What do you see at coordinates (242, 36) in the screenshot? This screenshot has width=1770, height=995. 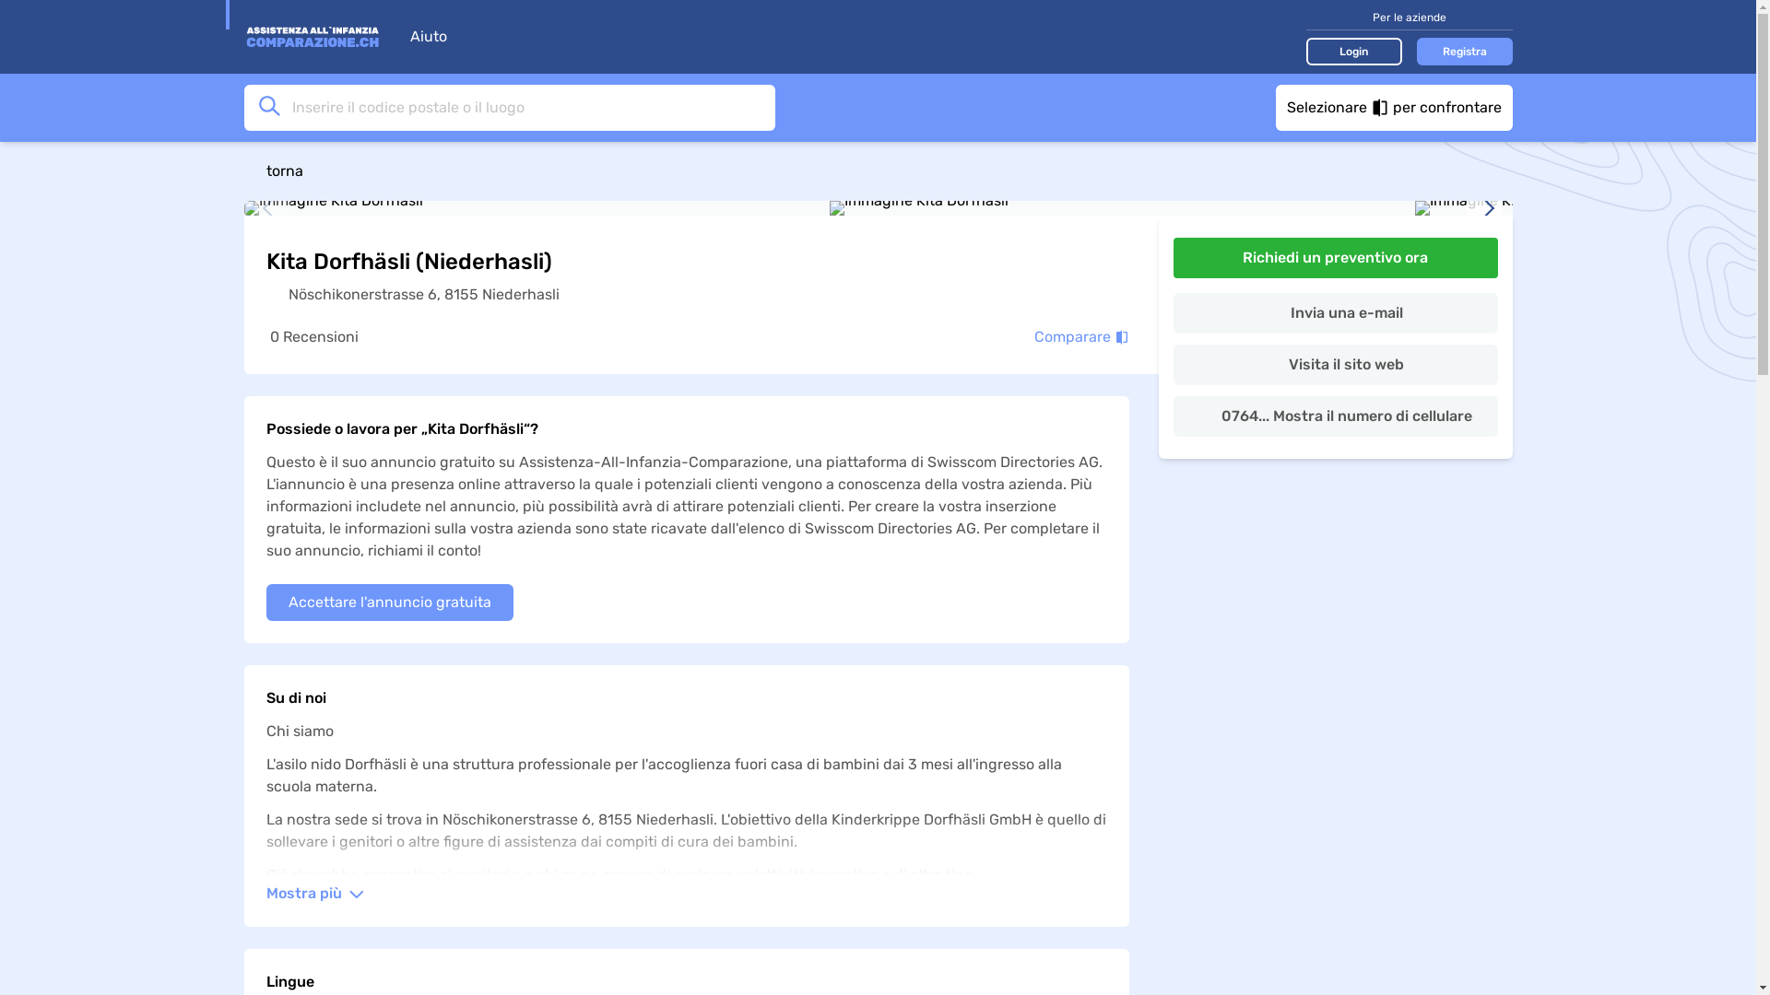 I see `'Vai alla home page'` at bounding box center [242, 36].